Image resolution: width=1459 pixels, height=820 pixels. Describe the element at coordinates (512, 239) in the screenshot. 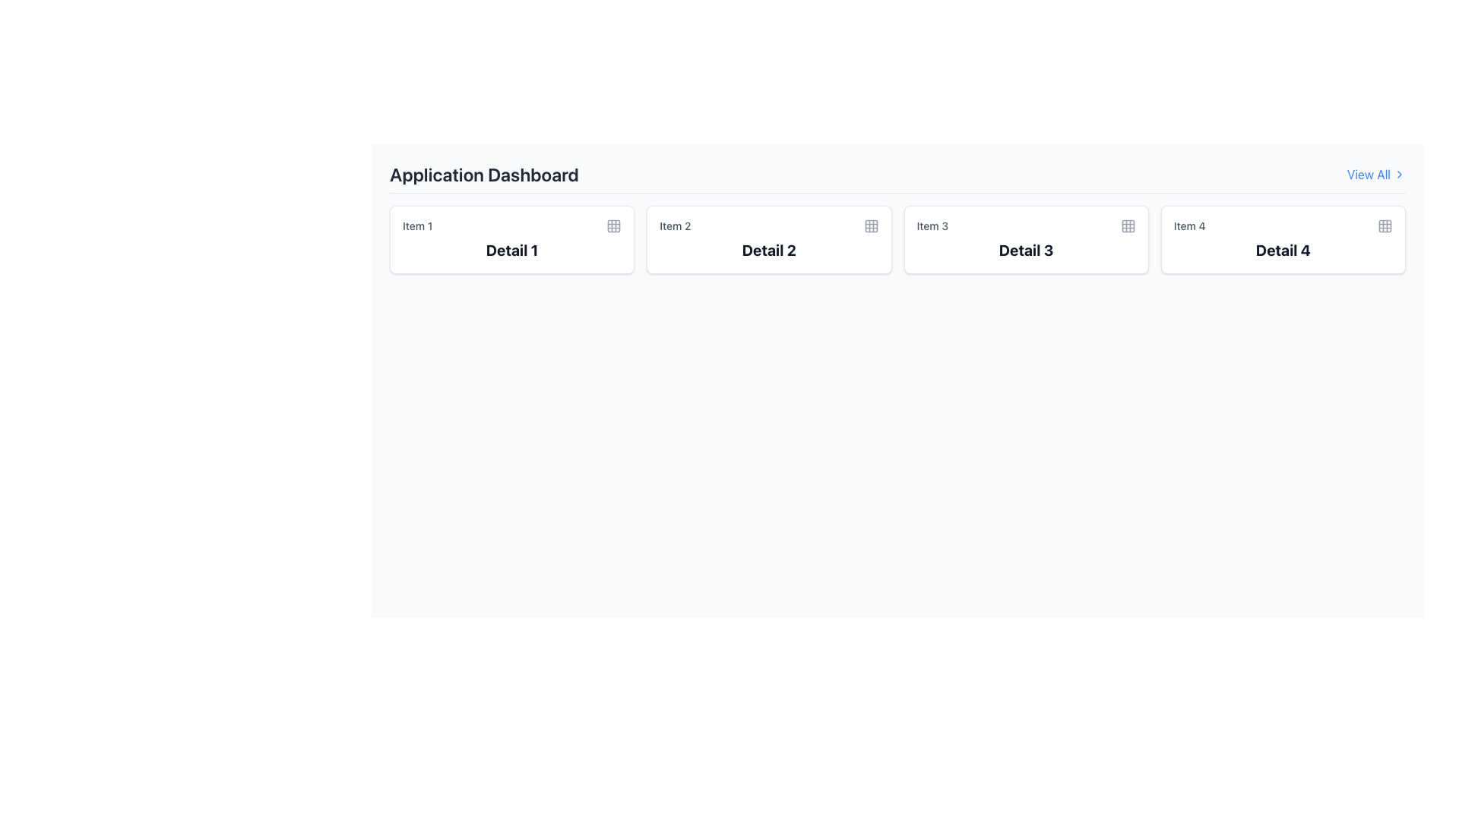

I see `the first card in the grid that represents 'Item 1'` at that location.